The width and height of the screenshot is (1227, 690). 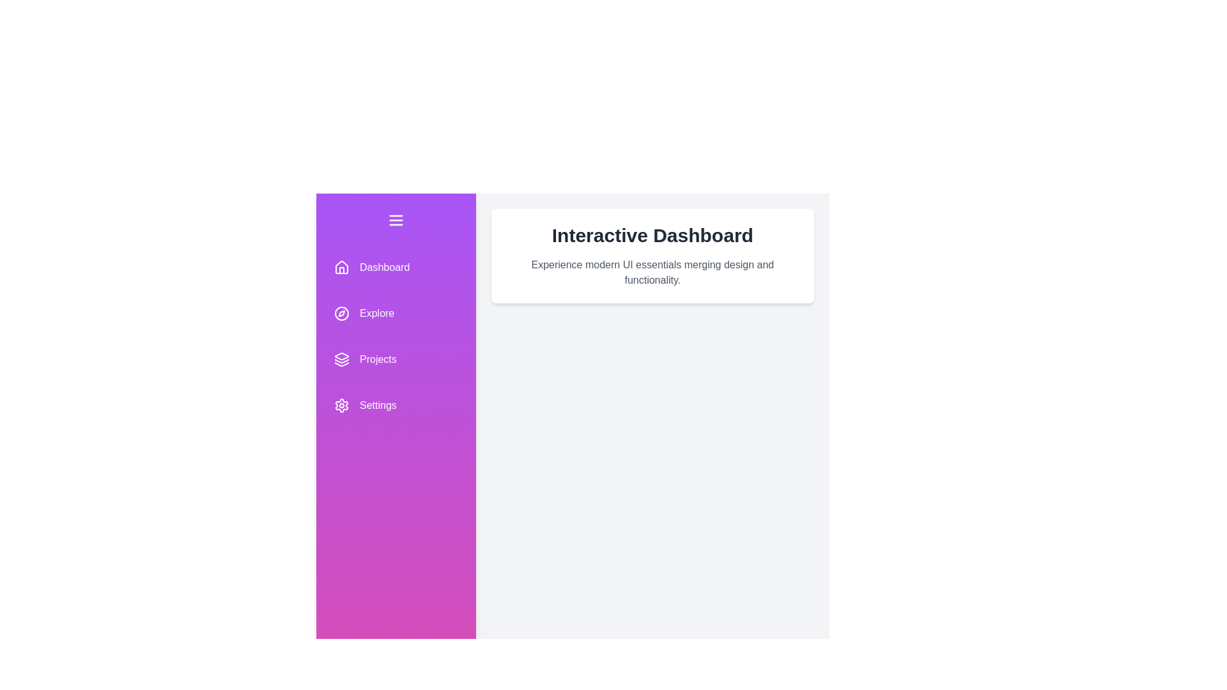 I want to click on the 'Interactive Dashboard' section to focus on it, so click(x=652, y=236).